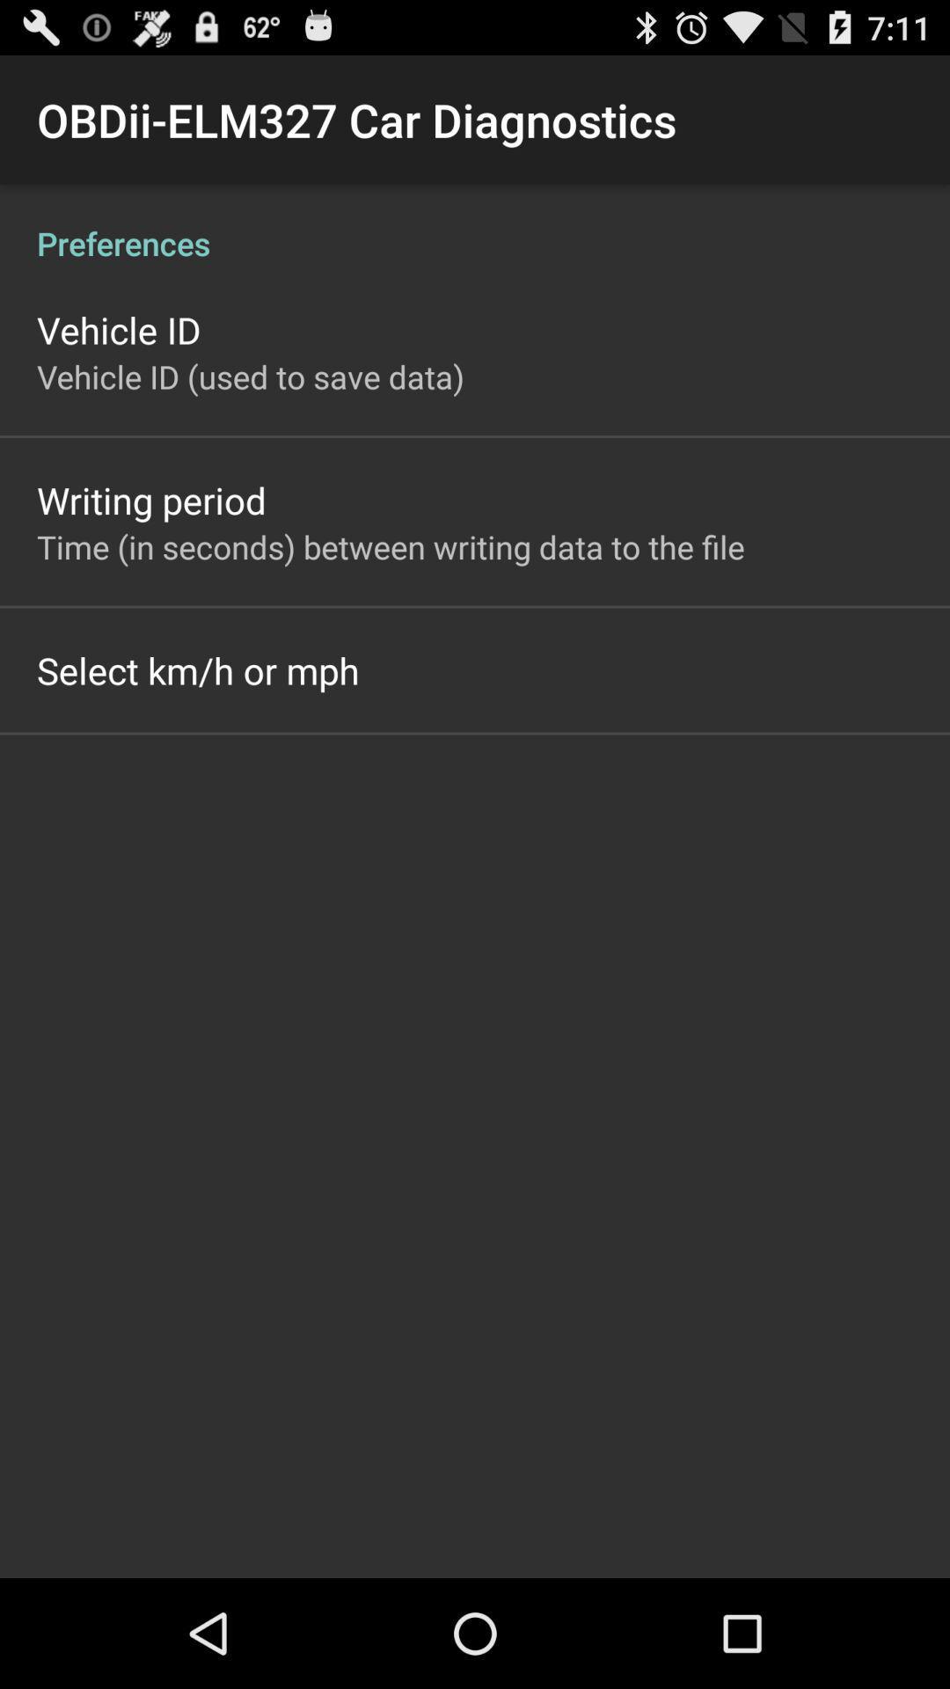 The image size is (950, 1689). I want to click on the icon below the obdii elm327 car icon, so click(475, 223).